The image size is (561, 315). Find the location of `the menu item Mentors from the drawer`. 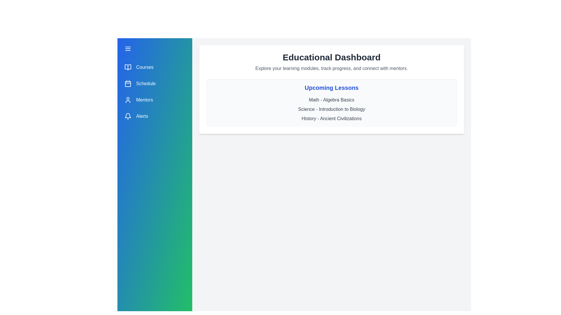

the menu item Mentors from the drawer is located at coordinates (155, 100).